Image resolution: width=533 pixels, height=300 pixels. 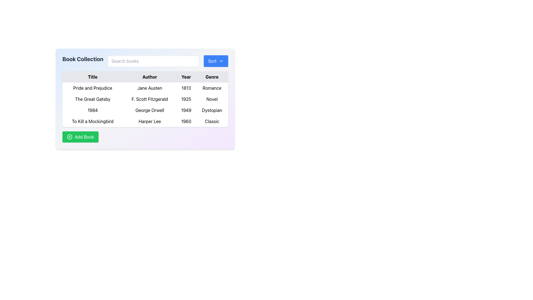 I want to click on the text label displaying 'Harper Lee' in the second column of the fourth row of the table under the 'Author' header, so click(x=150, y=121).